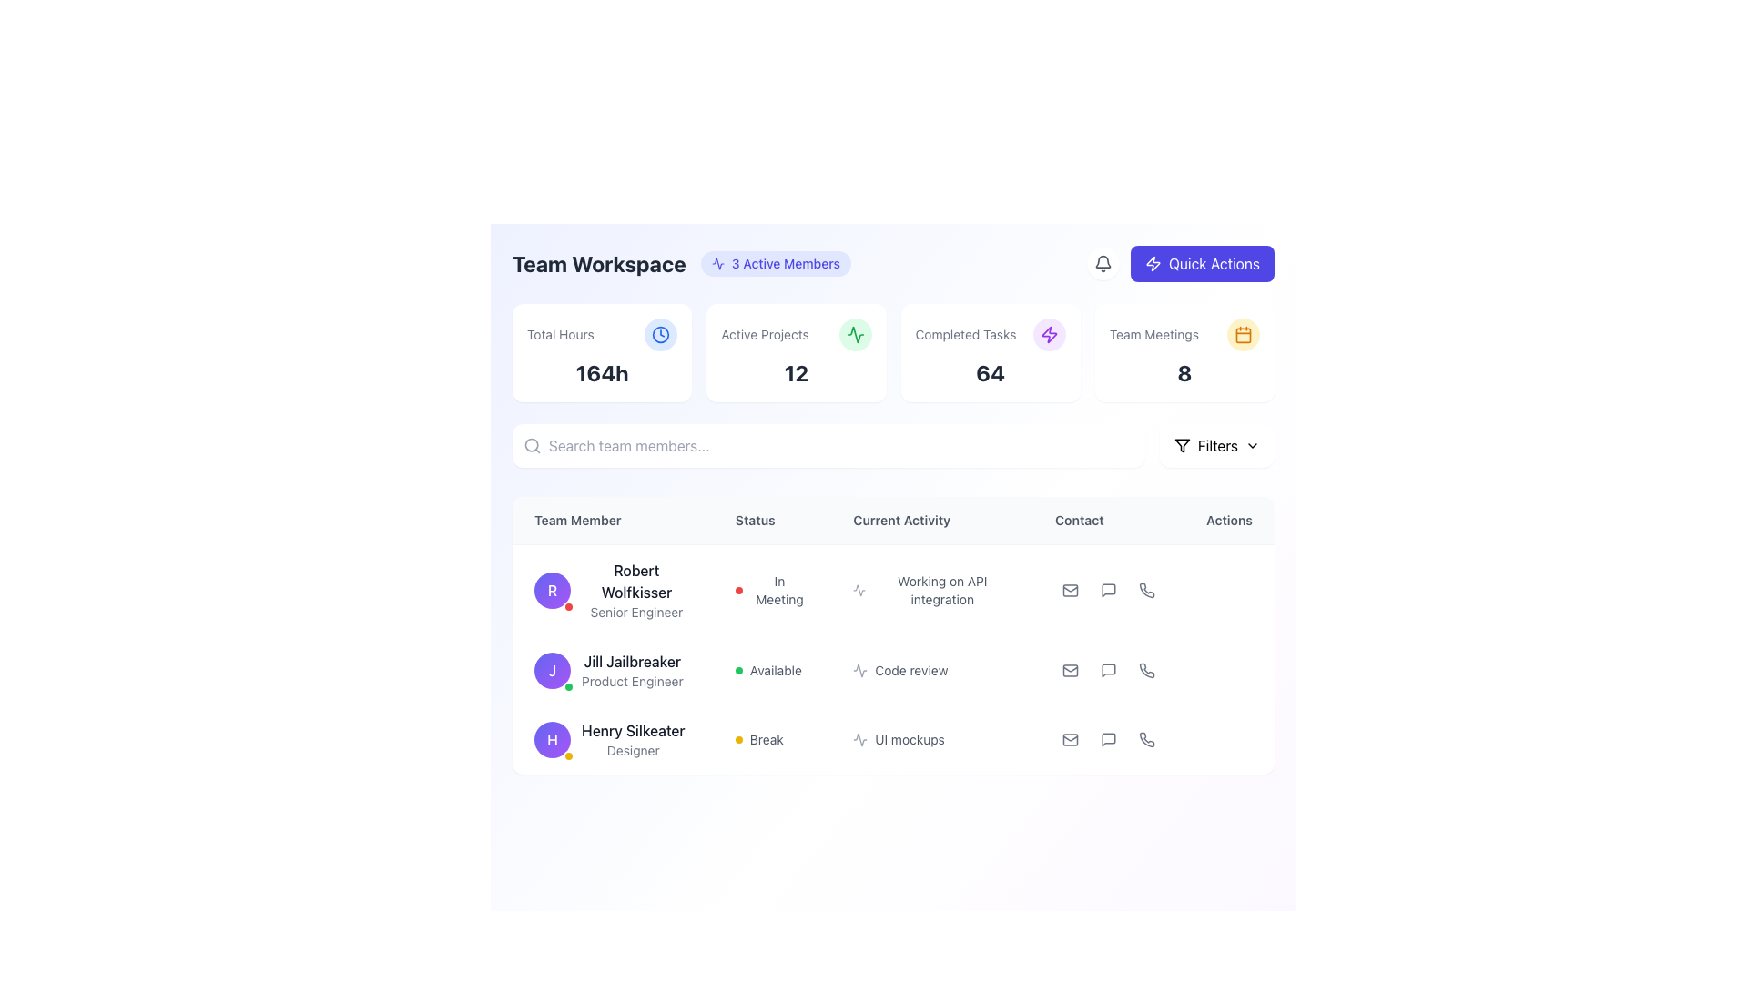 Image resolution: width=1748 pixels, height=983 pixels. I want to click on the Information Card displaying the profile information of a team member, located in the first row of the team members list adjacent to the Status column, so click(613, 590).